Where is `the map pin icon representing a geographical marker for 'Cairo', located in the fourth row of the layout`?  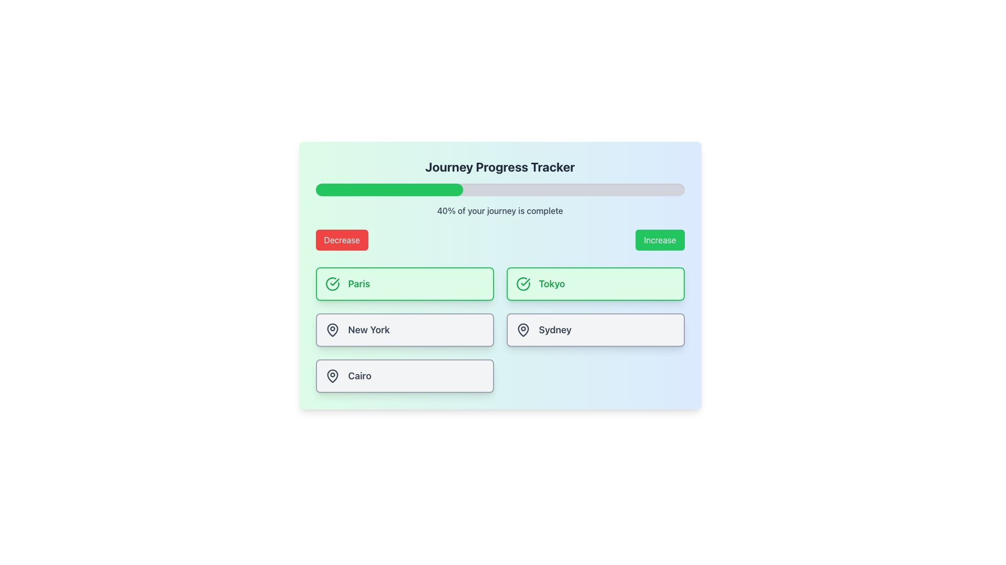 the map pin icon representing a geographical marker for 'Cairo', located in the fourth row of the layout is located at coordinates (332, 375).